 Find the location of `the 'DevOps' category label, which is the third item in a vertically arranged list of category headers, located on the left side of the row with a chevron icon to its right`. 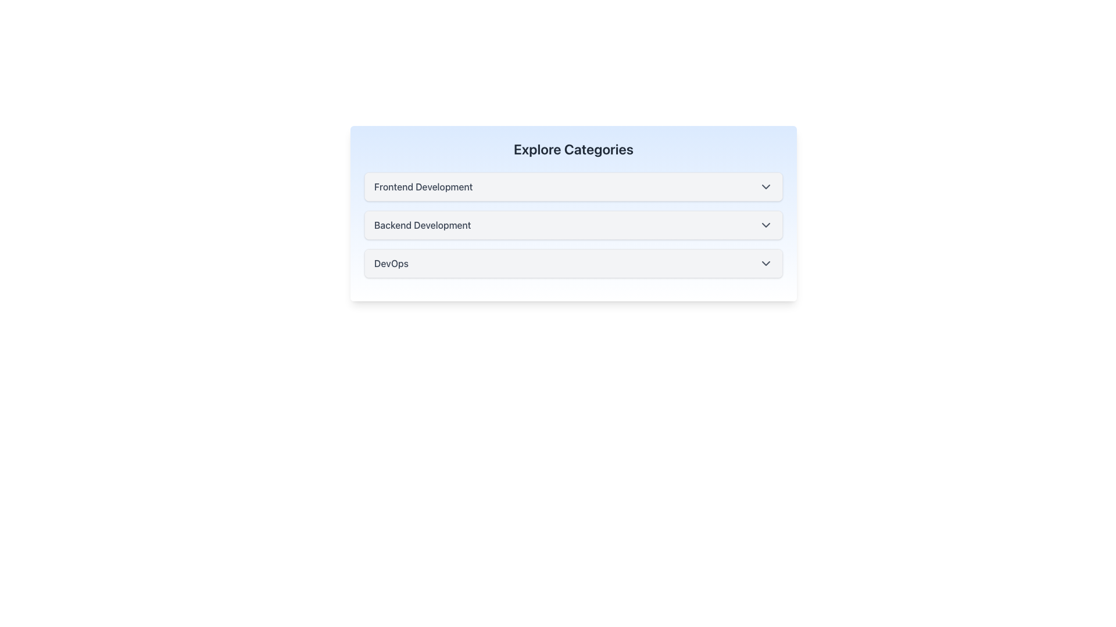

the 'DevOps' category label, which is the third item in a vertically arranged list of category headers, located on the left side of the row with a chevron icon to its right is located at coordinates (391, 264).